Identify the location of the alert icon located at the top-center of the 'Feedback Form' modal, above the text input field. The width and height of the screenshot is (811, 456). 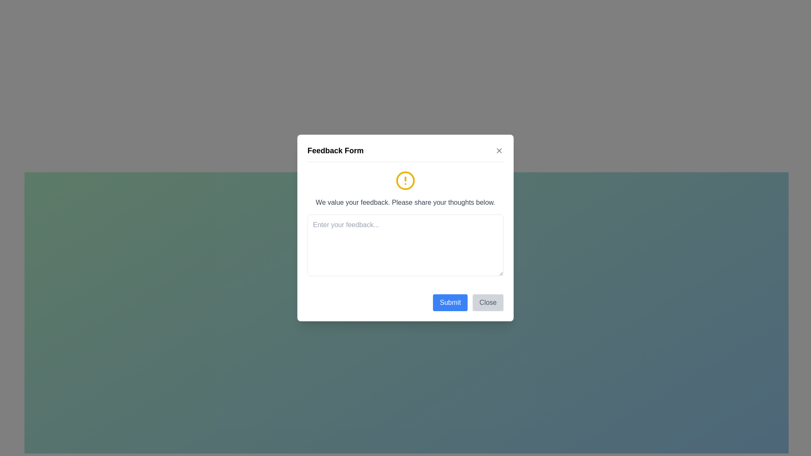
(405, 180).